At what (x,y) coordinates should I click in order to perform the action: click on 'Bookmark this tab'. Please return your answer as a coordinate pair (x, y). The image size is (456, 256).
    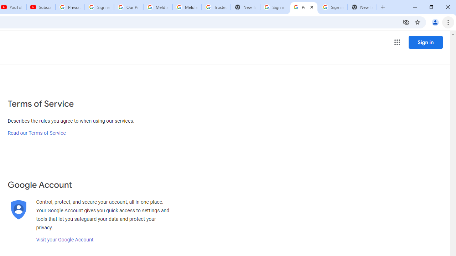
    Looking at the image, I should click on (417, 22).